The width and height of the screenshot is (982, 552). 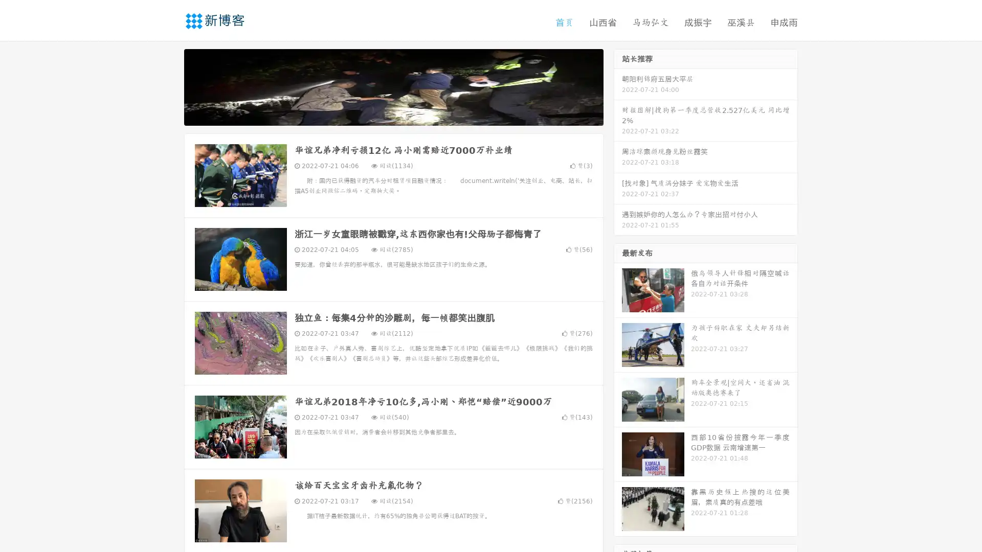 I want to click on Go to slide 3, so click(x=404, y=115).